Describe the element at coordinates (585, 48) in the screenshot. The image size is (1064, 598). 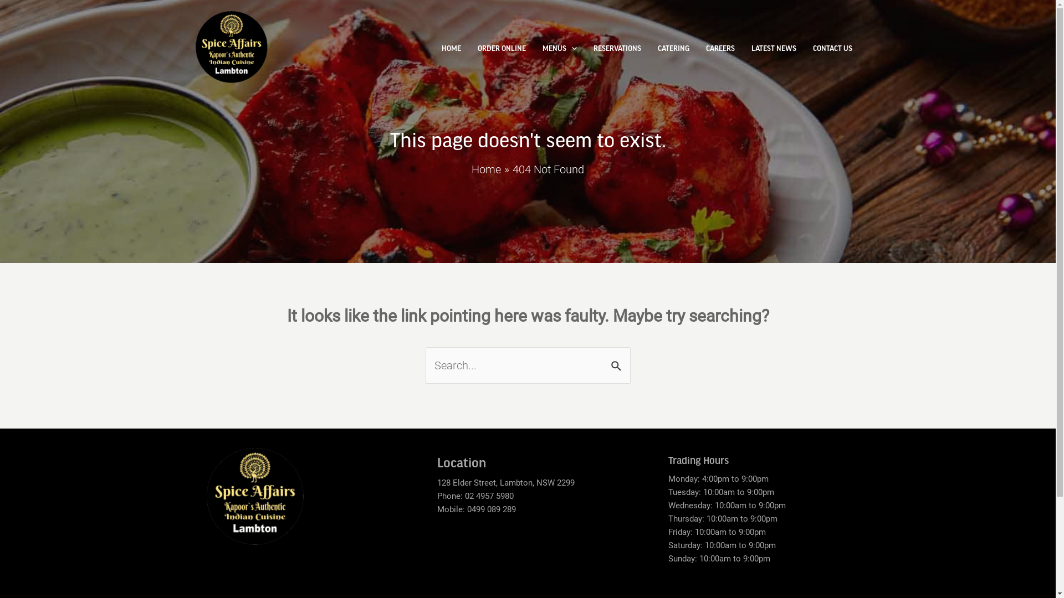
I see `'RESERVATIONS'` at that location.